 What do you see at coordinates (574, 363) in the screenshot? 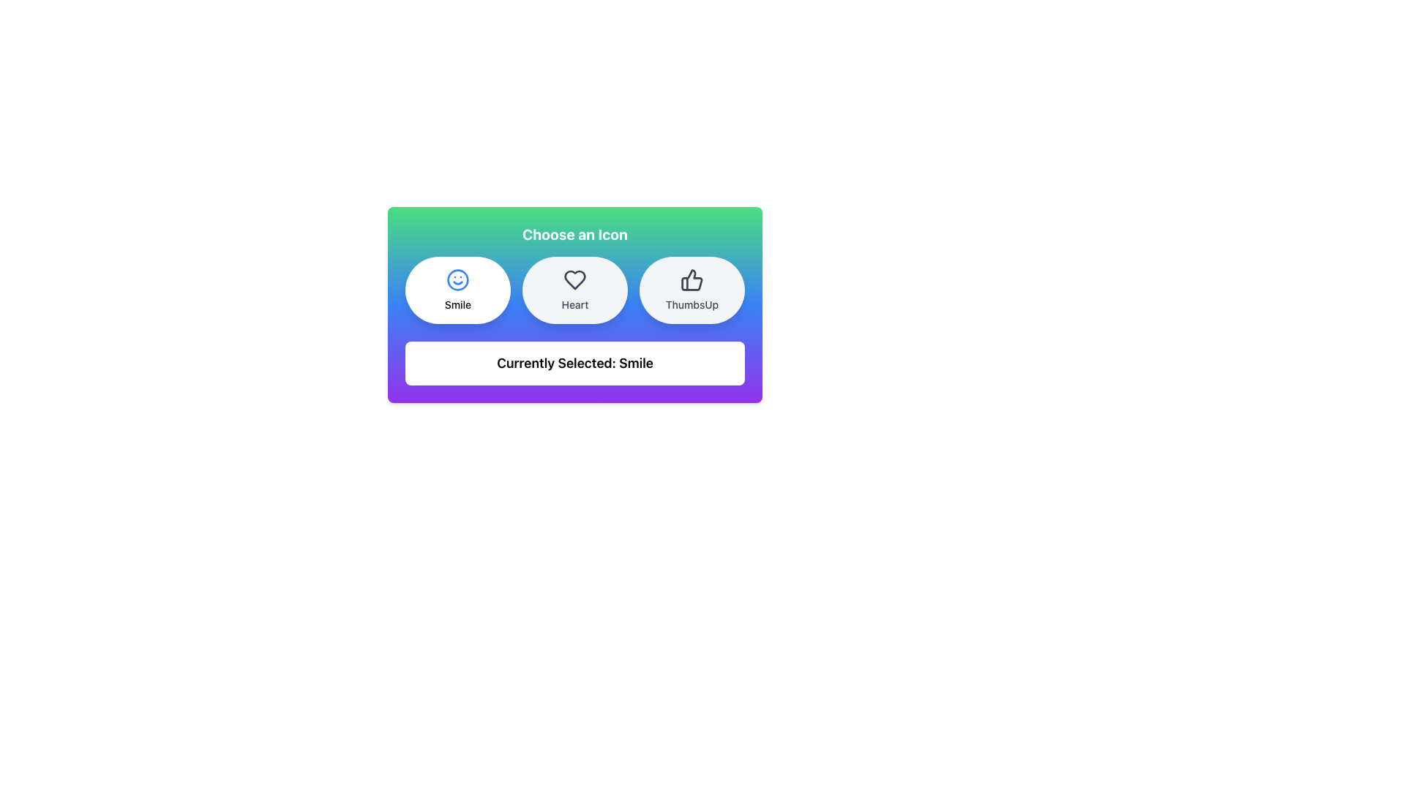
I see `the informational Text Label that displays the currently selected option 'Smile', located at the bottom section of a card-like area, centered horizontally beneath three buttons labeled 'Smile', 'Heart', and 'ThumbsUp'` at bounding box center [574, 363].